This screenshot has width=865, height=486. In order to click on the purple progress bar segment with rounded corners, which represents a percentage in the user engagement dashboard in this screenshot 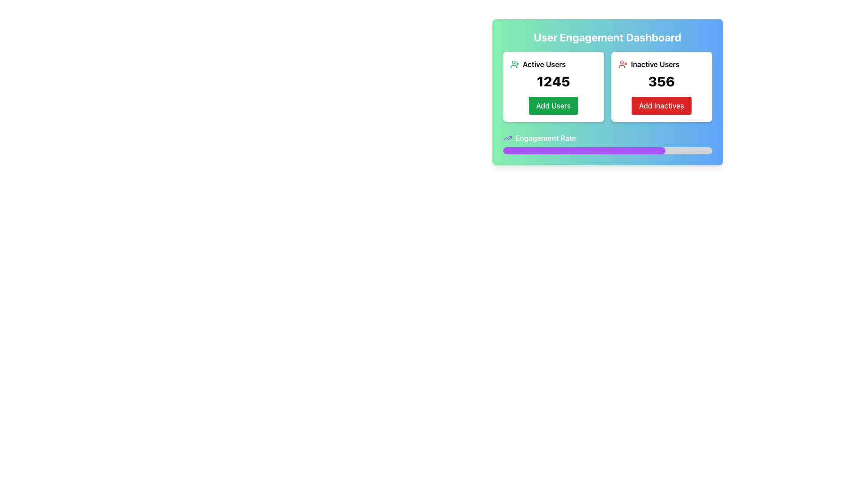, I will do `click(584, 150)`.